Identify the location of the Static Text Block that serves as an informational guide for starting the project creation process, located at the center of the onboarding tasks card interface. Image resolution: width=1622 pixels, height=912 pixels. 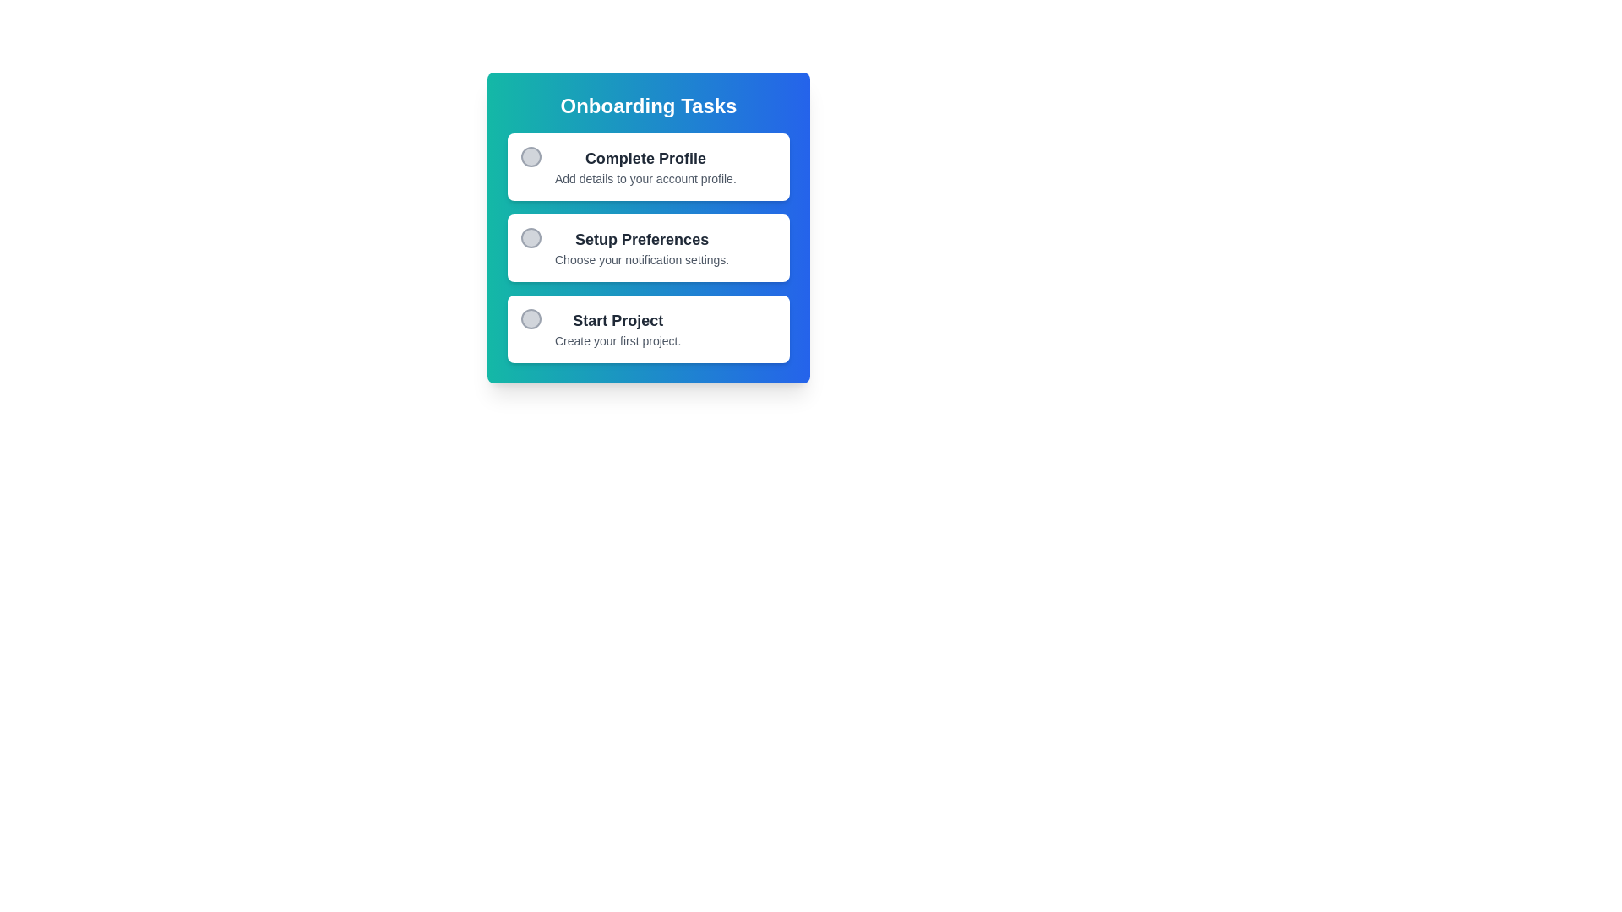
(617, 328).